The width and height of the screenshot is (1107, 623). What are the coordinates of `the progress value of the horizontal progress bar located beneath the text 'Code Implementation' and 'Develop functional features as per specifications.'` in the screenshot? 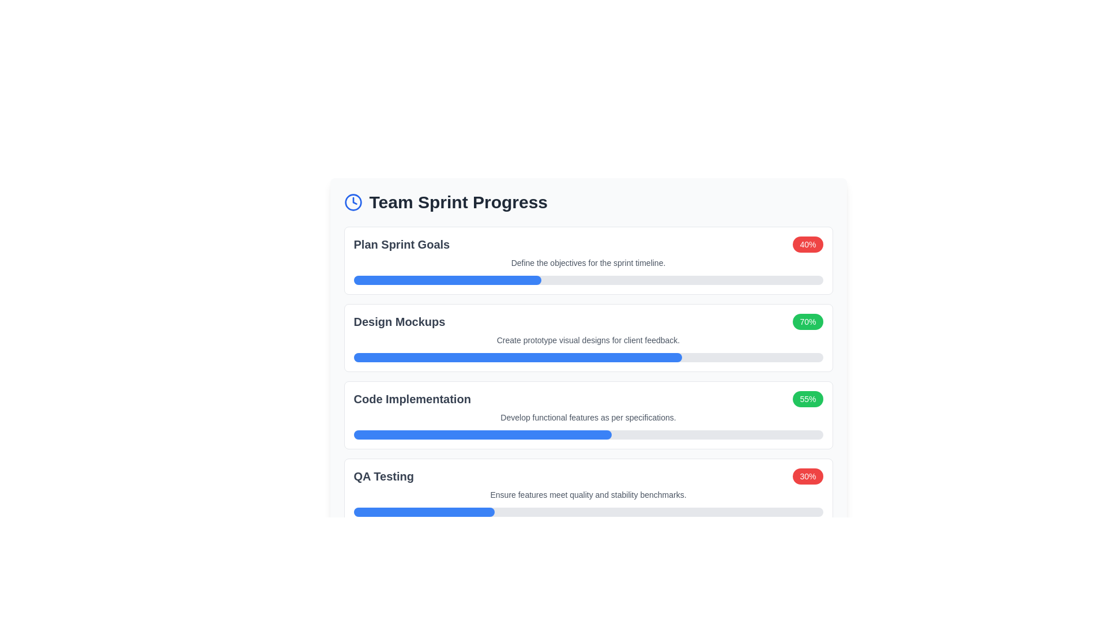 It's located at (588, 434).